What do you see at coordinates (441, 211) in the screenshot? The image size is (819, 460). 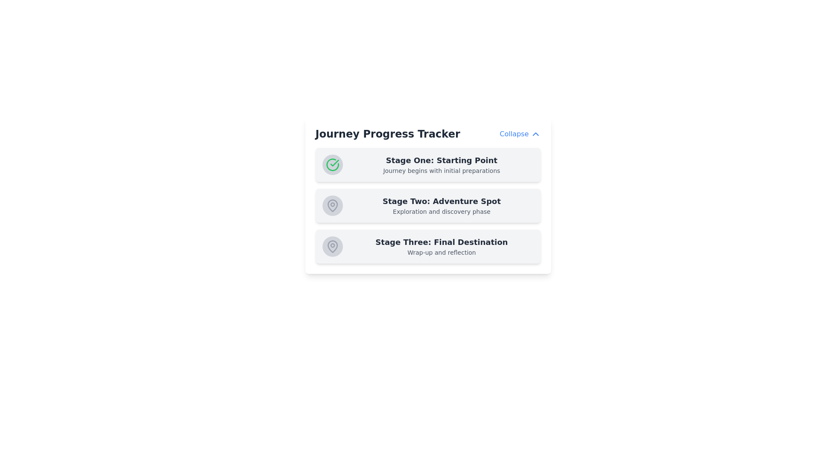 I see `the text label that reads 'Exploration and discovery phase', which is styled in gray and positioned below the heading 'Stage Two: Adventure Spot'` at bounding box center [441, 211].